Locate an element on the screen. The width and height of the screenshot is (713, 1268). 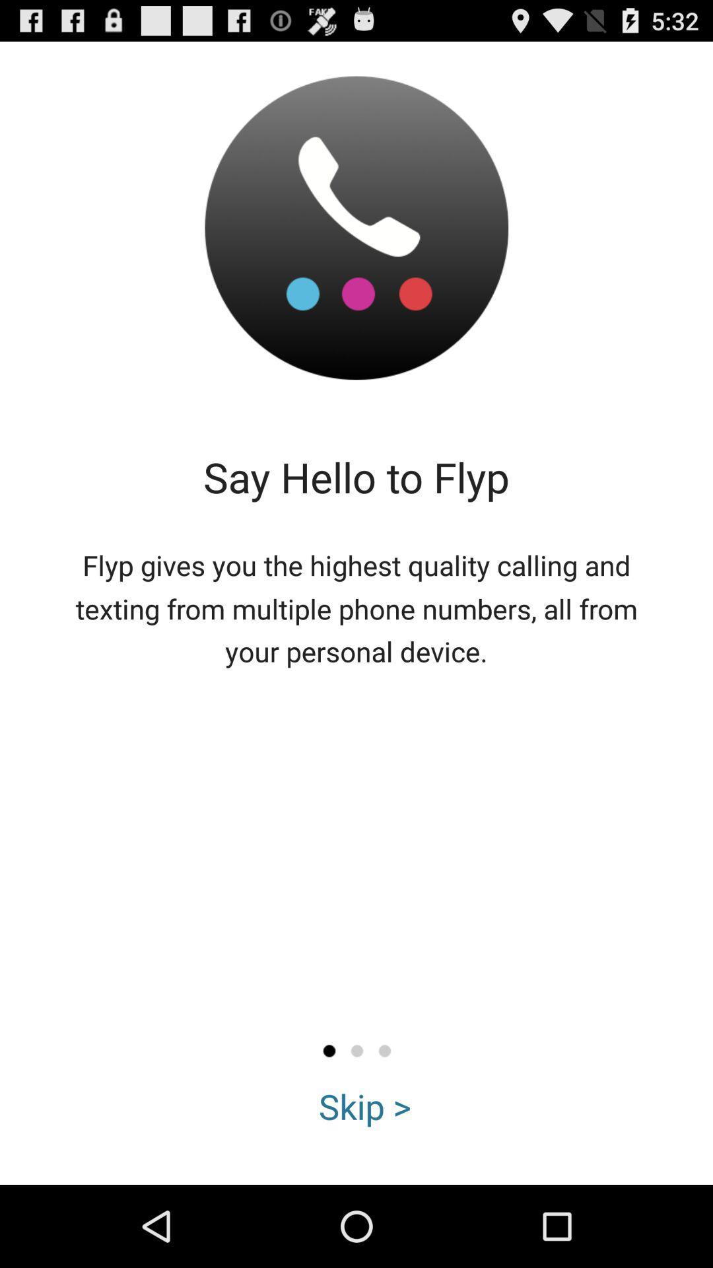
the skip > is located at coordinates (365, 1106).